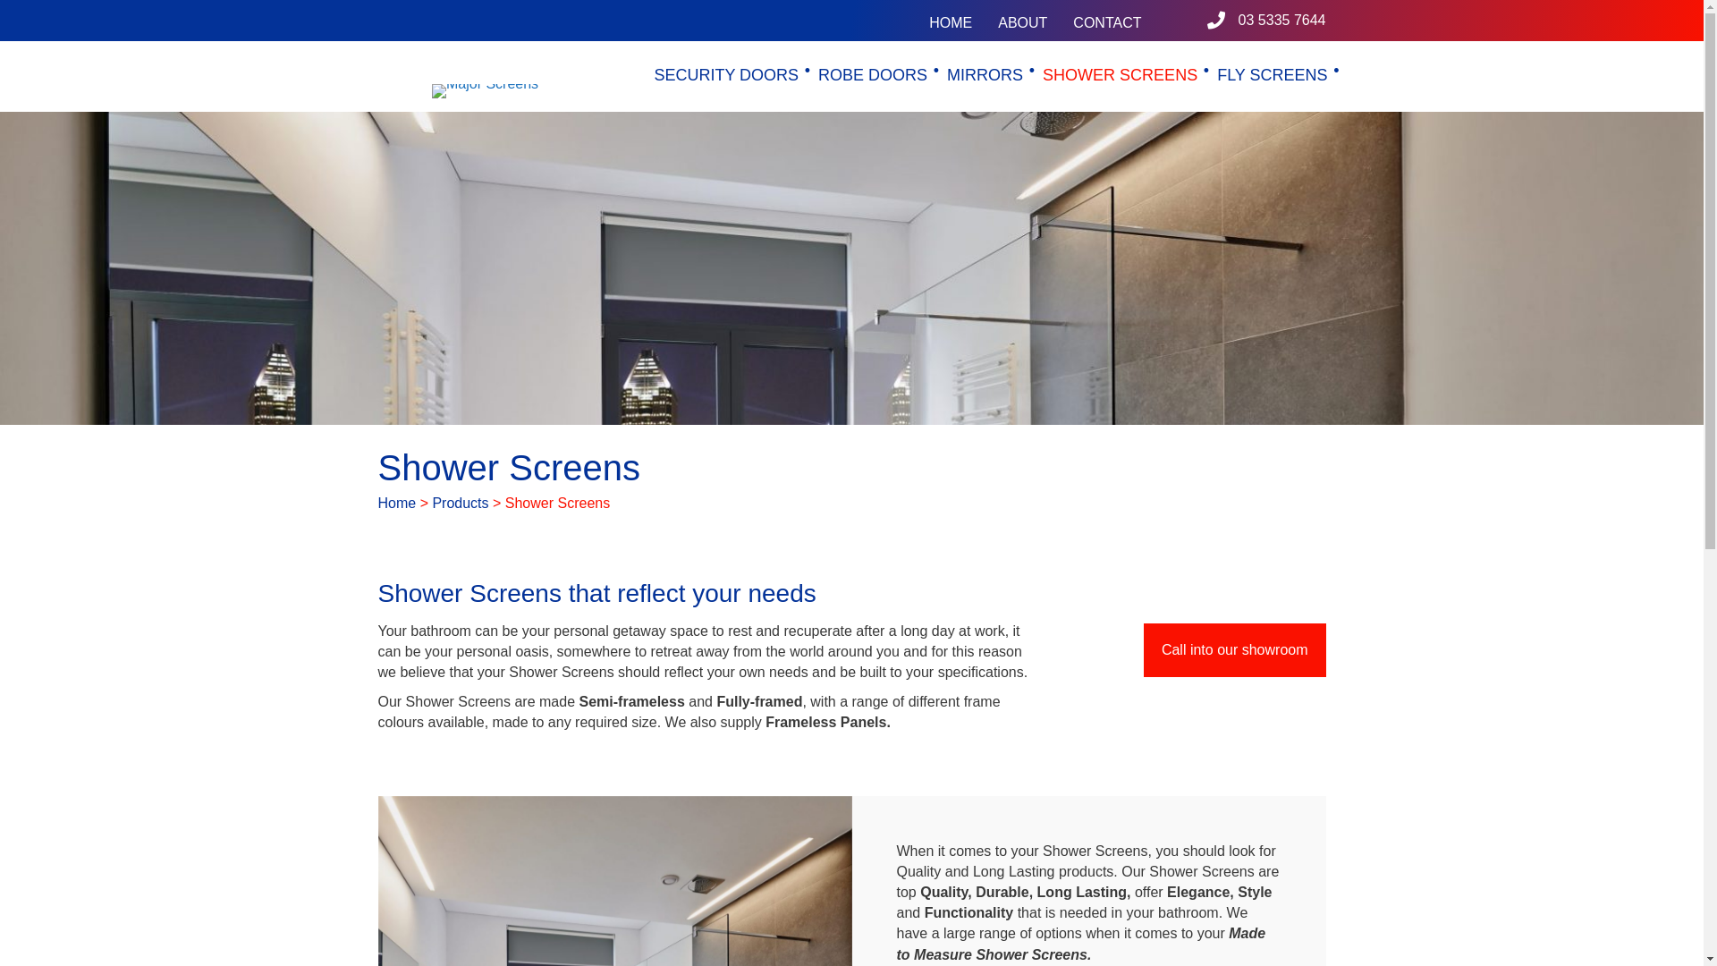 The image size is (1717, 966). What do you see at coordinates (917, 22) in the screenshot?
I see `'HOME'` at bounding box center [917, 22].